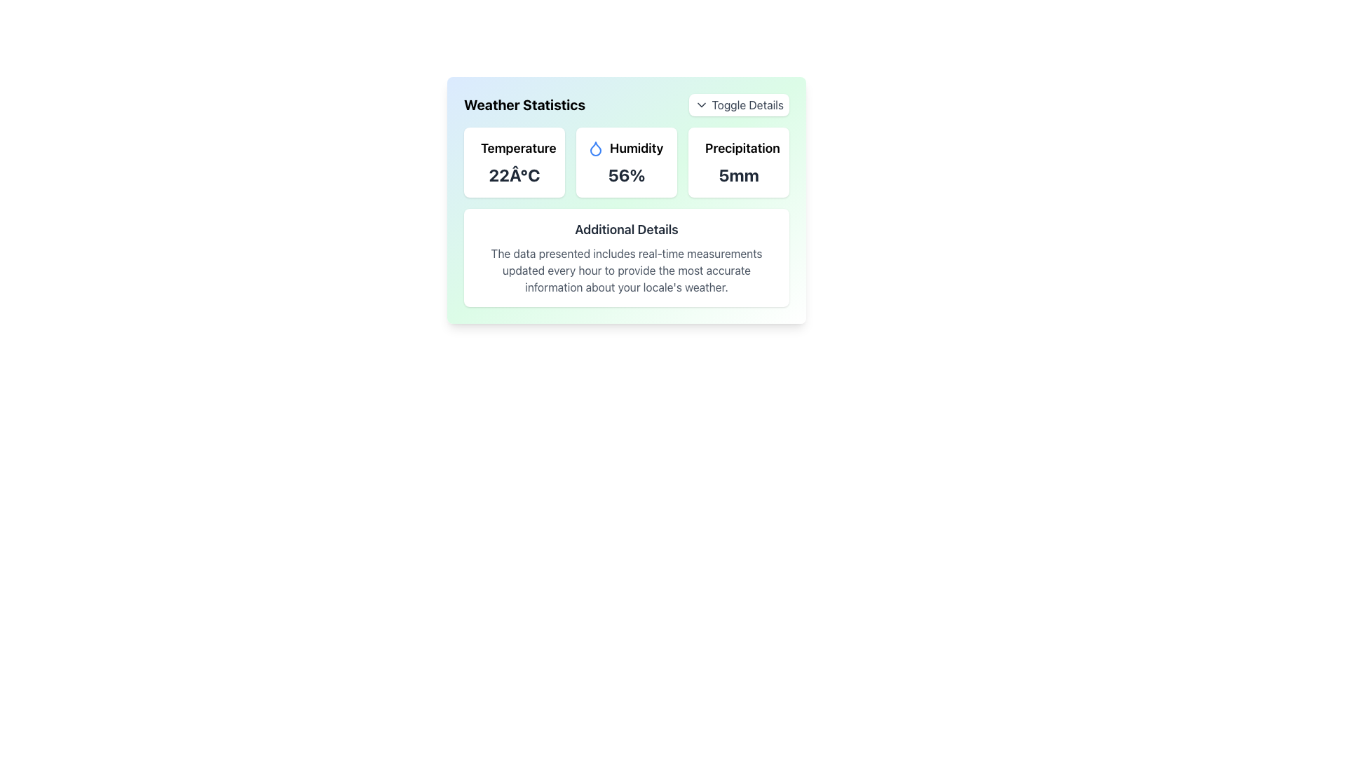 This screenshot has height=757, width=1346. Describe the element at coordinates (738, 149) in the screenshot. I see `the Text with Icon that denotes precipitation information, which is located in the upper-right part of the weather statistics card, right of the 'Humidity' element and aligned with '5mm'` at that location.